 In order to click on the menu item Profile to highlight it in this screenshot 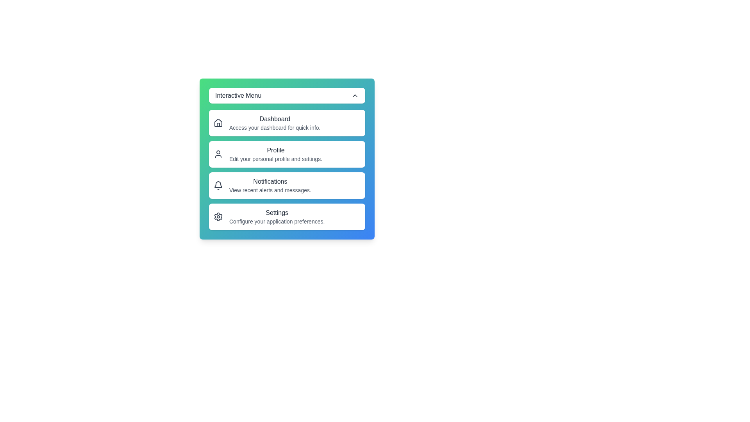, I will do `click(286, 154)`.